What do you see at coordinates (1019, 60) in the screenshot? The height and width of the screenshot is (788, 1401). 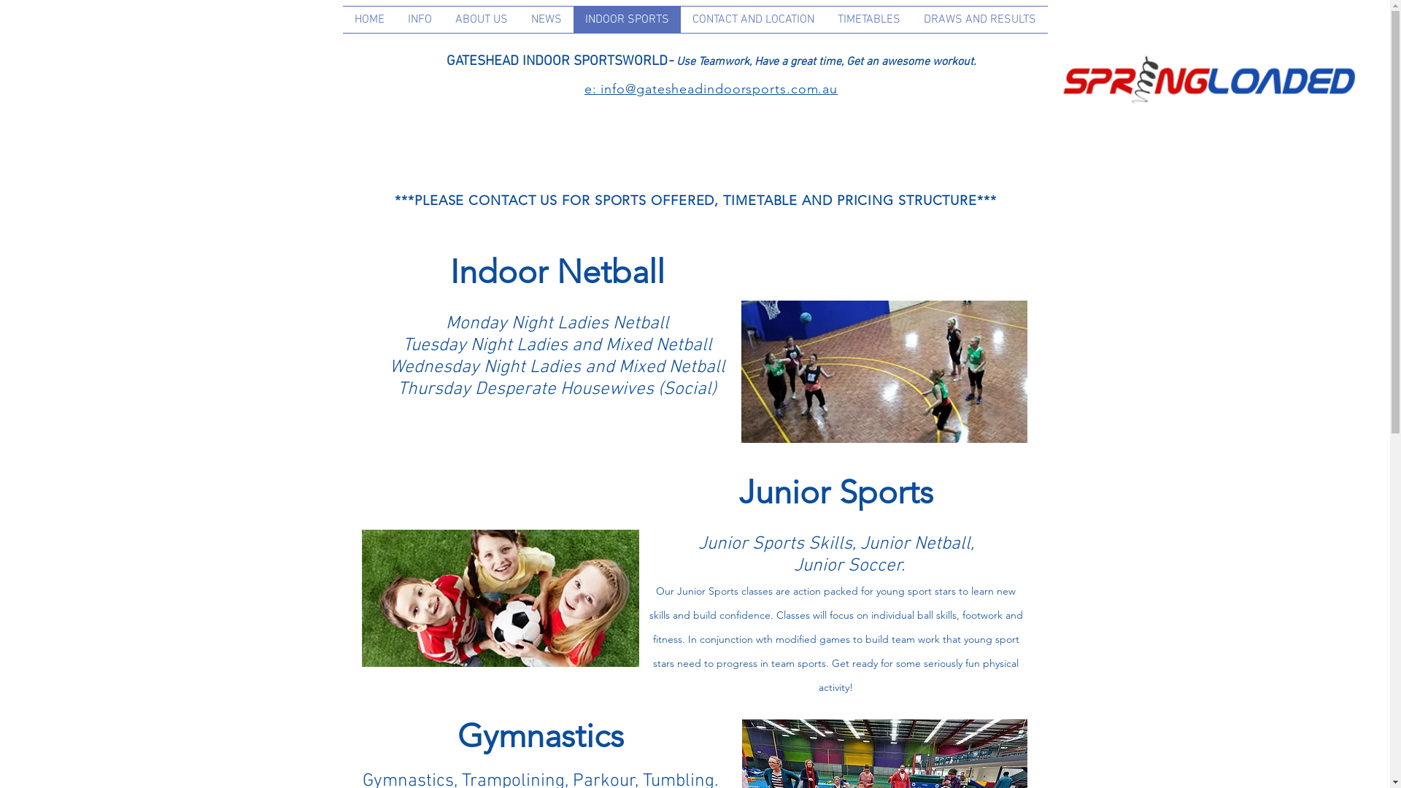 I see `'Embedded Content'` at bounding box center [1019, 60].